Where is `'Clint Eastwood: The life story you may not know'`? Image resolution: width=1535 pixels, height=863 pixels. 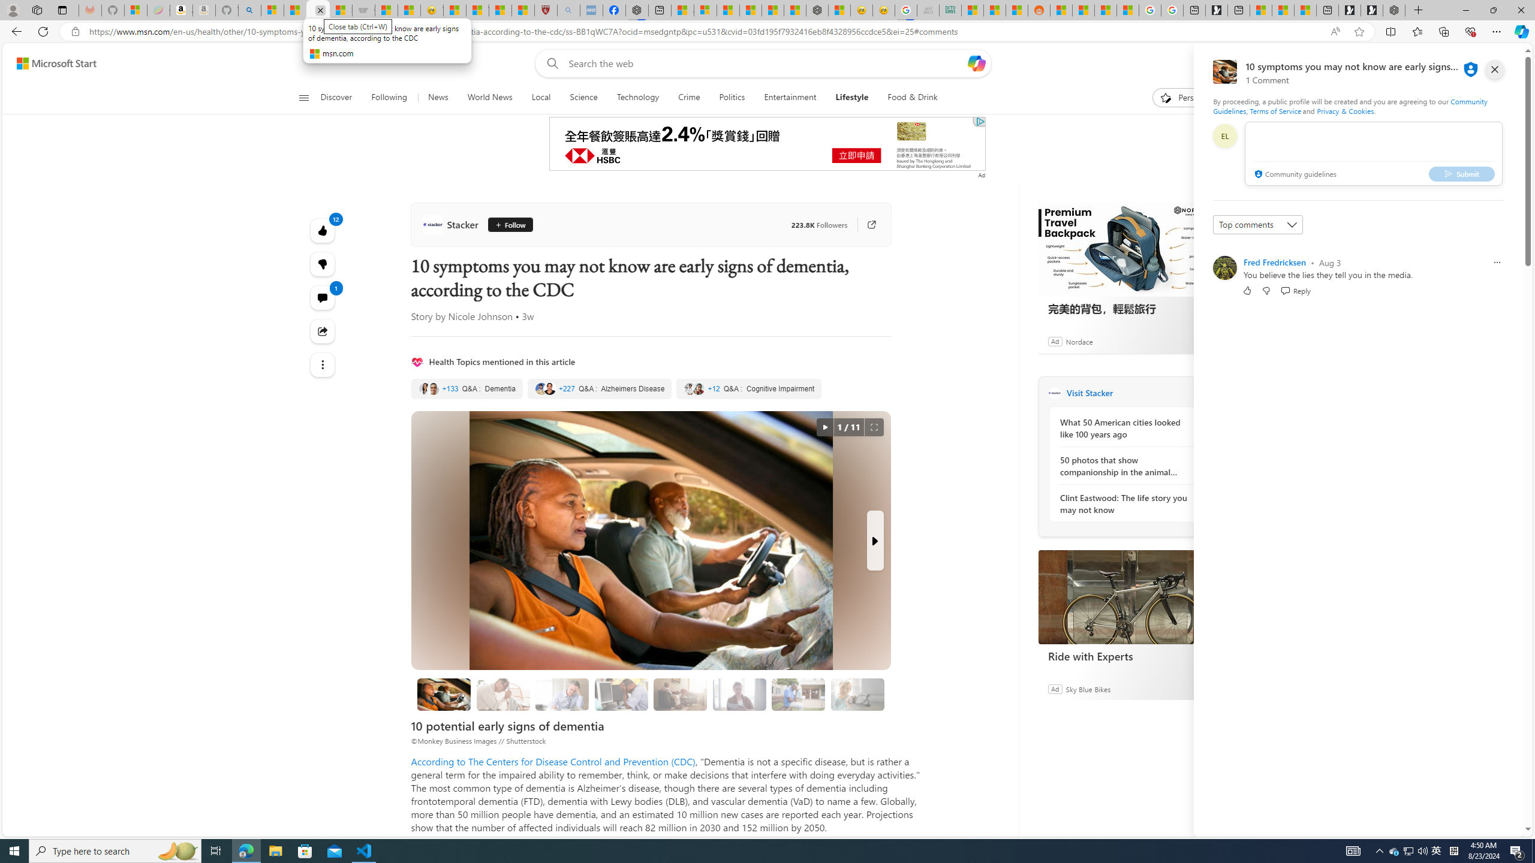 'Clint Eastwood: The life story you may not know' is located at coordinates (1124, 503).